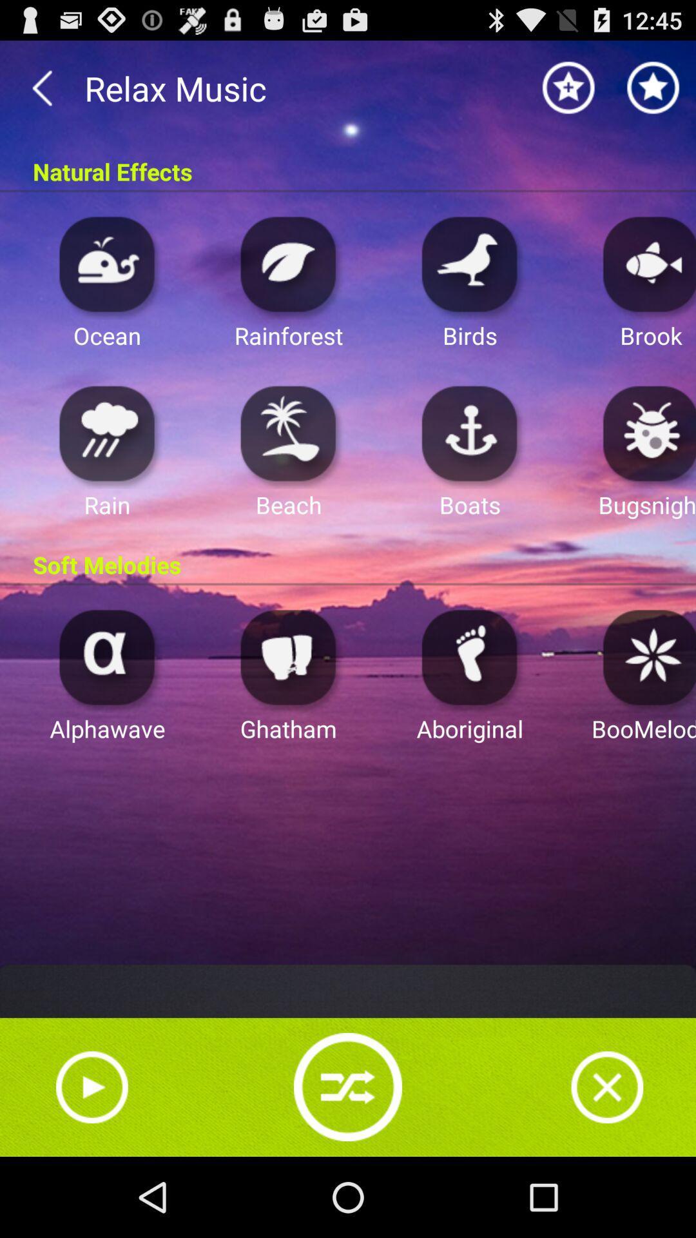 The width and height of the screenshot is (696, 1238). I want to click on alphawave melody, so click(106, 656).